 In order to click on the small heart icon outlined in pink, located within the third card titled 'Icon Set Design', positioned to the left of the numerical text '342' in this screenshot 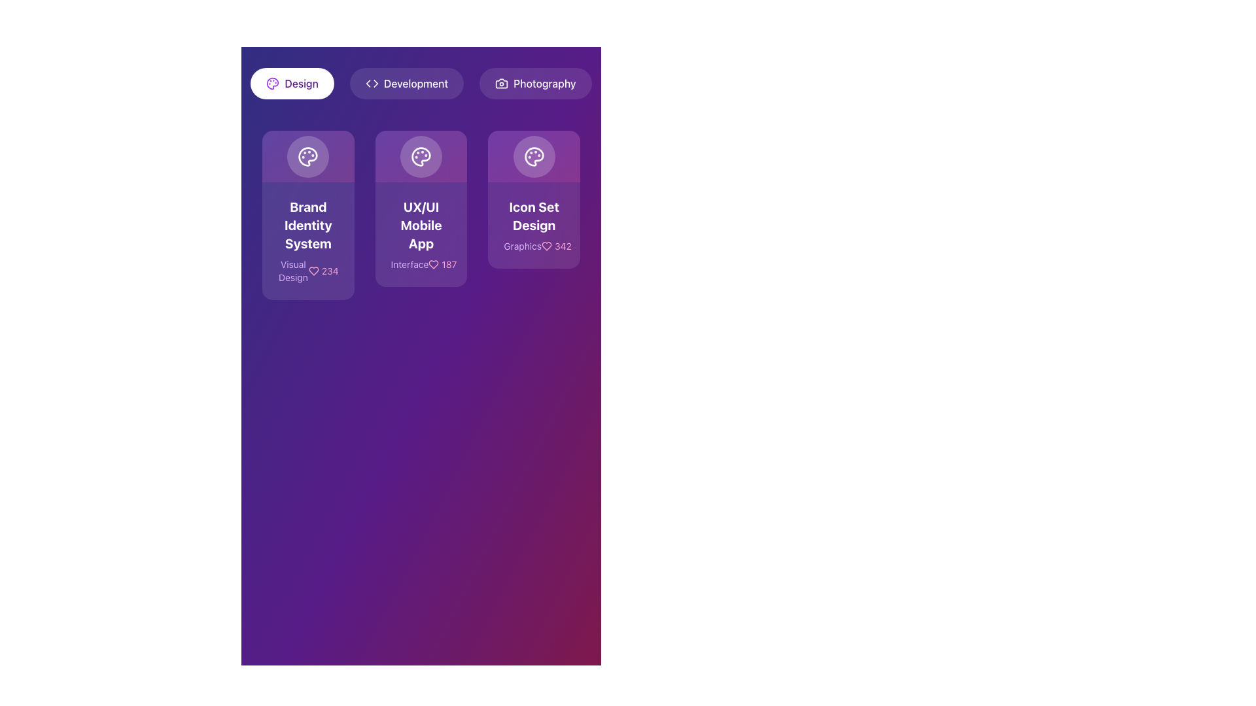, I will do `click(546, 246)`.